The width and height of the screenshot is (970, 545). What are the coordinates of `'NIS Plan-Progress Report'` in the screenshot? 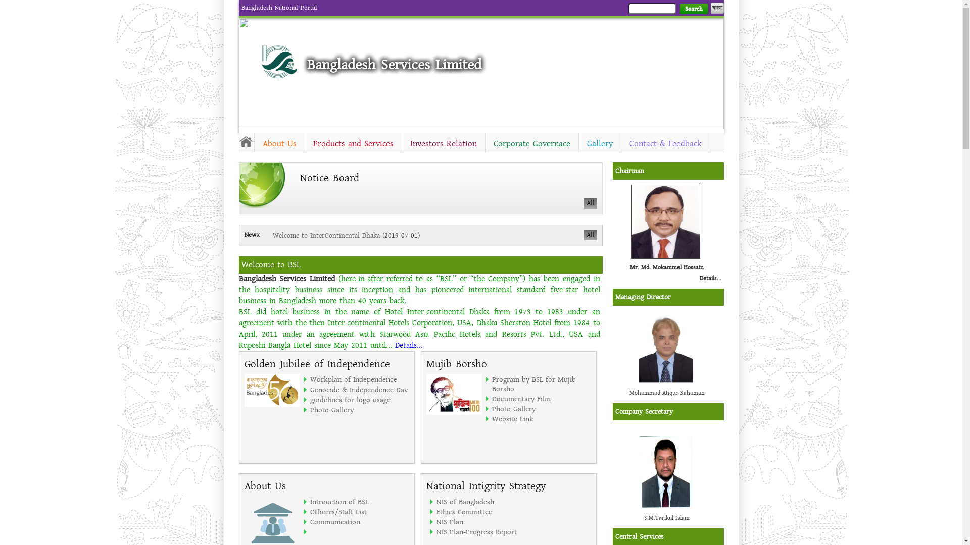 It's located at (486, 531).